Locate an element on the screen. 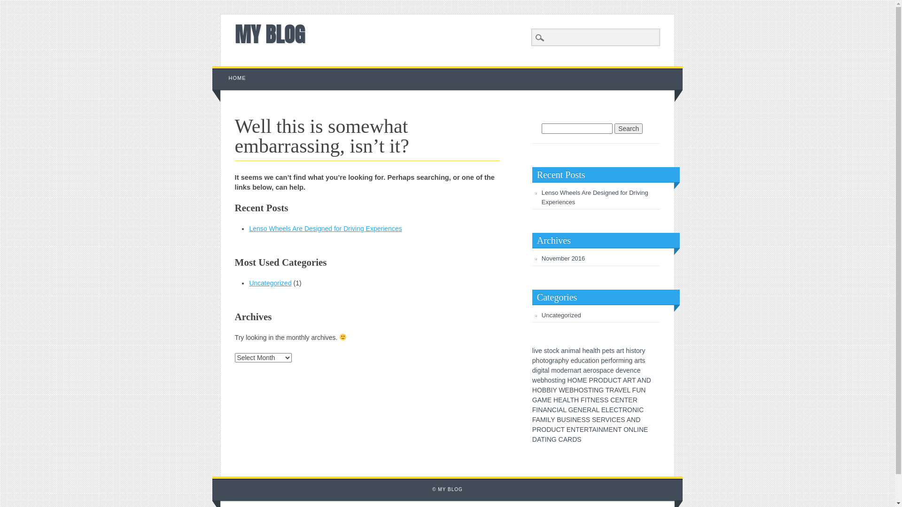  'e' is located at coordinates (606, 351).